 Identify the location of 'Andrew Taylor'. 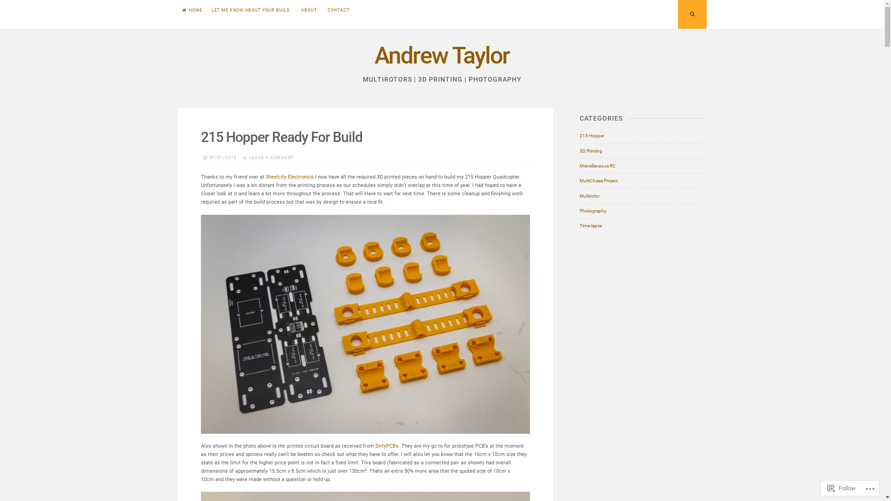
(374, 55).